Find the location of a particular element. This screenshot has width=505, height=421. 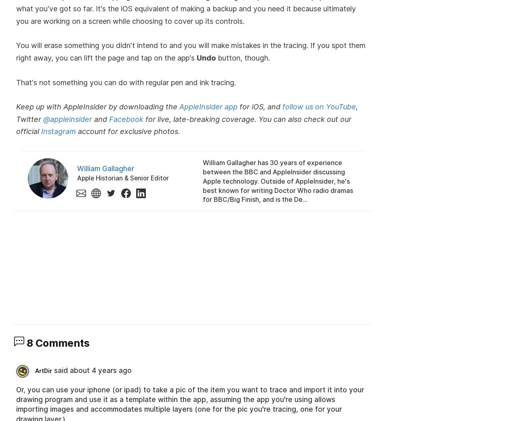

'said about' is located at coordinates (54, 370).